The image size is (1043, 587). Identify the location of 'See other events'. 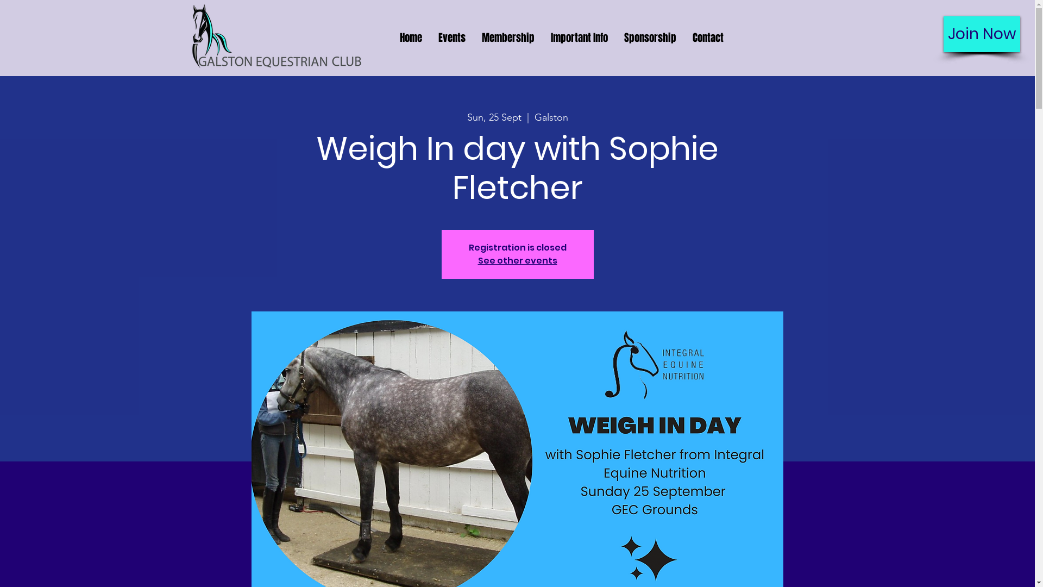
(517, 260).